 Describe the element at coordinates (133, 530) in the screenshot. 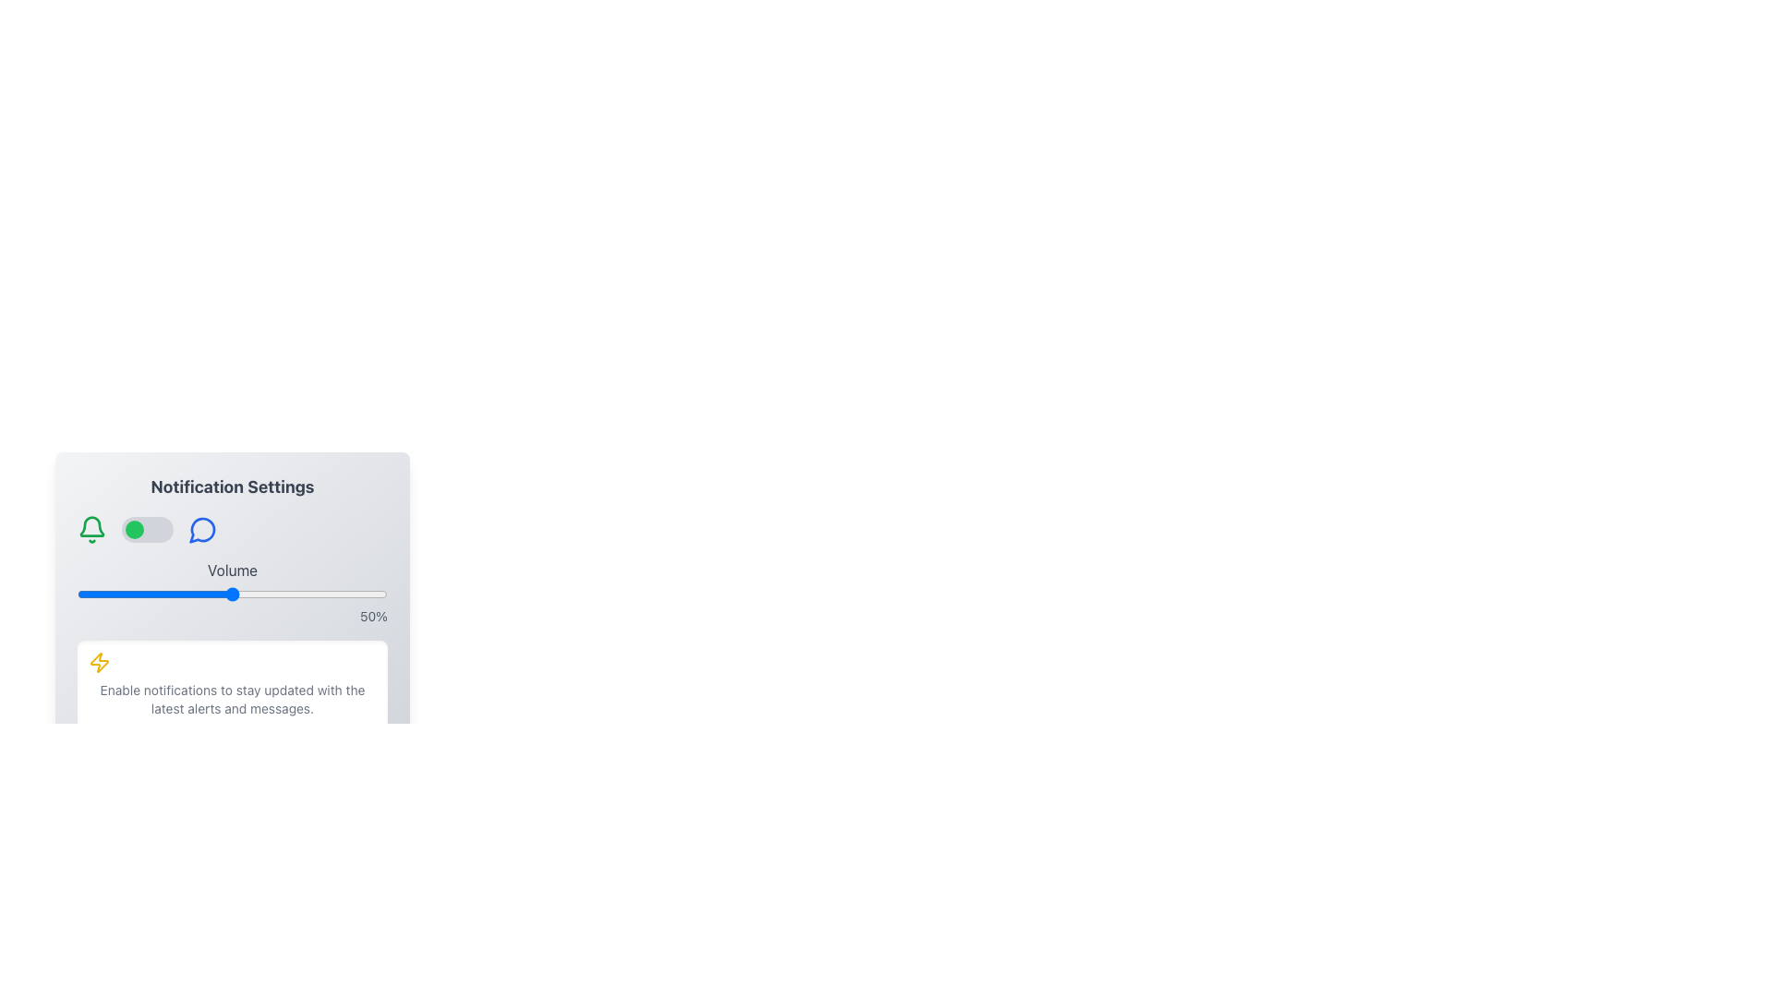

I see `the toggle switch indicator, which is a small circular component with a green background located within a larger oval-shaped toggle switch in the settings interface` at that location.